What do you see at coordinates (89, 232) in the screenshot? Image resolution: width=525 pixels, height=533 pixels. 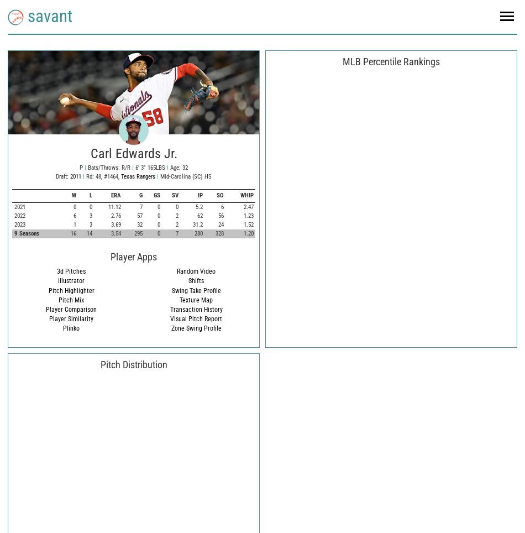 I see `'14'` at bounding box center [89, 232].